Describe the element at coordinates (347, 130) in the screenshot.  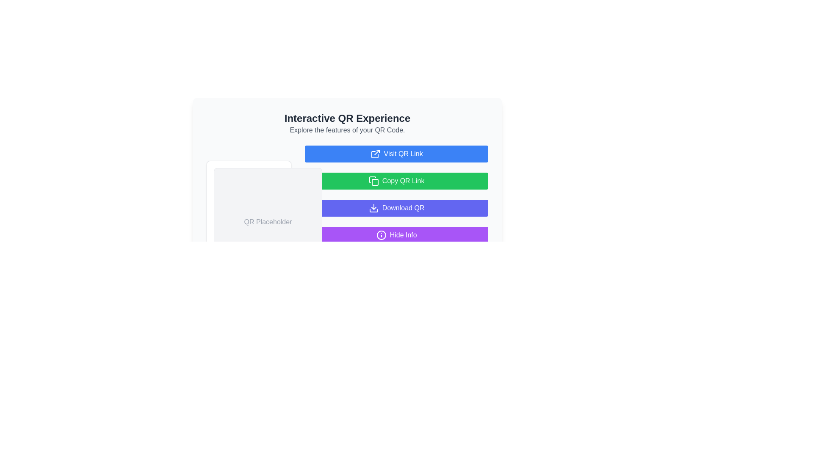
I see `the static text element that serves as a descriptive subtitle beneath 'Interactive QR Experience'` at that location.